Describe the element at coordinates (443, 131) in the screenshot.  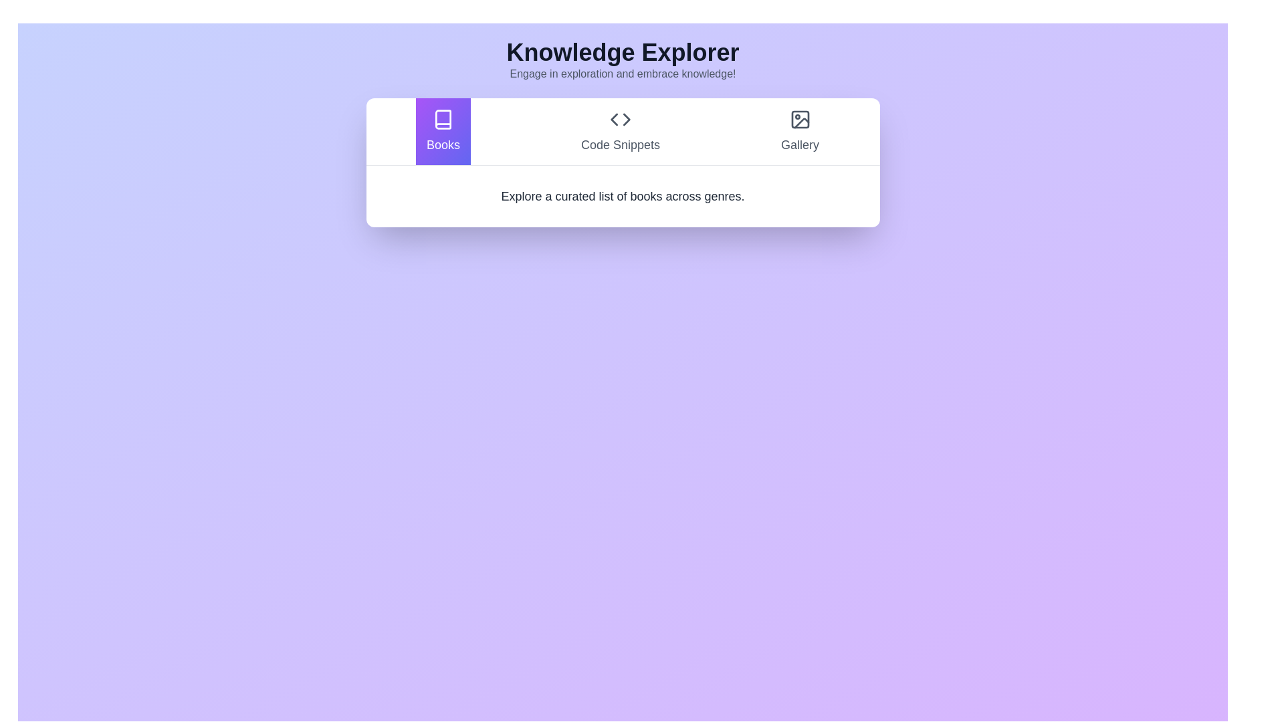
I see `the tab labeled Books to observe its visual feedback` at that location.